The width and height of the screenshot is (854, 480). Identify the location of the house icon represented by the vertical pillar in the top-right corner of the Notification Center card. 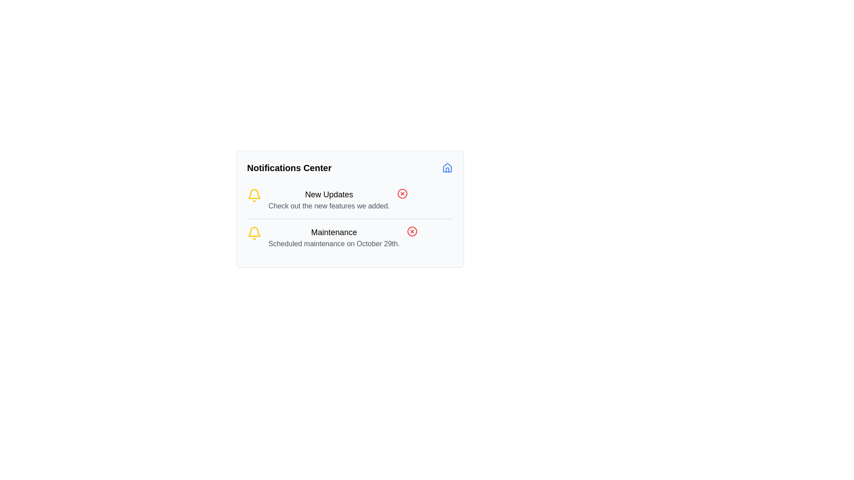
(447, 170).